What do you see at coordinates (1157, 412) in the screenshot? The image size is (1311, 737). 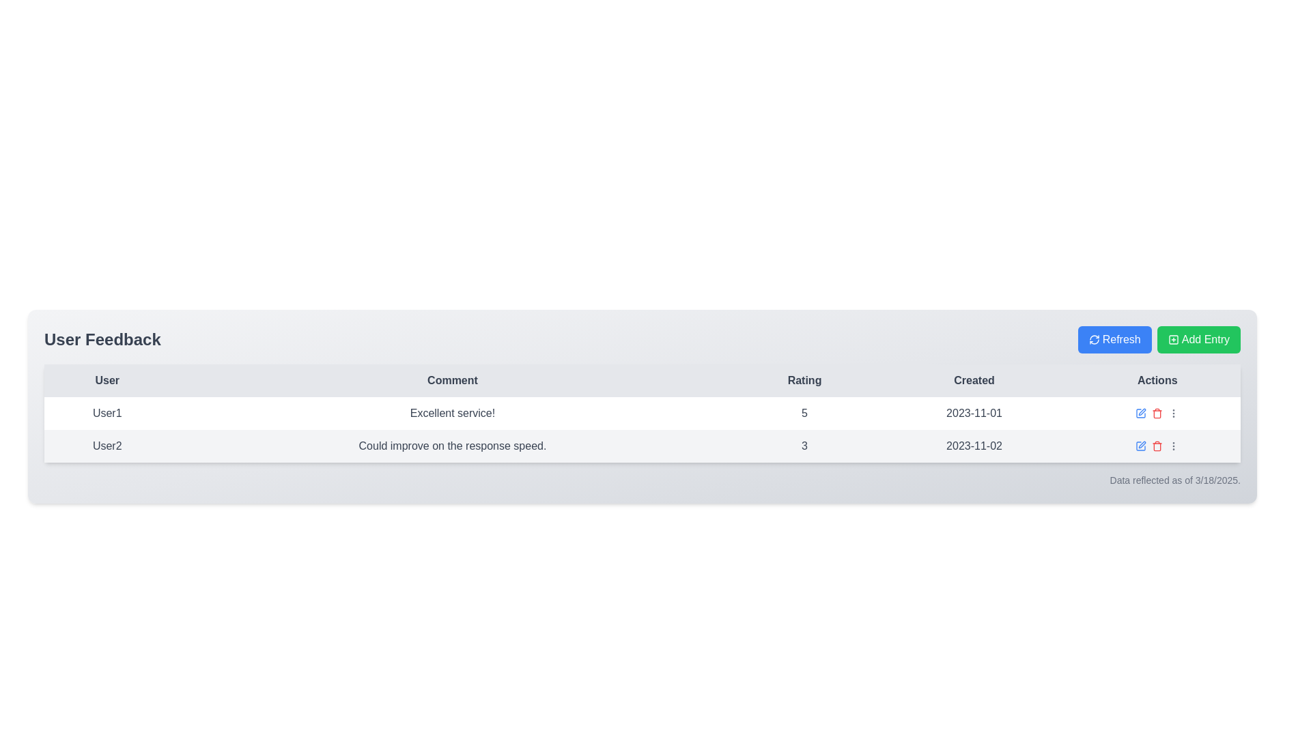 I see `the delete icon button located in the 'Actions' column of the table row` at bounding box center [1157, 412].